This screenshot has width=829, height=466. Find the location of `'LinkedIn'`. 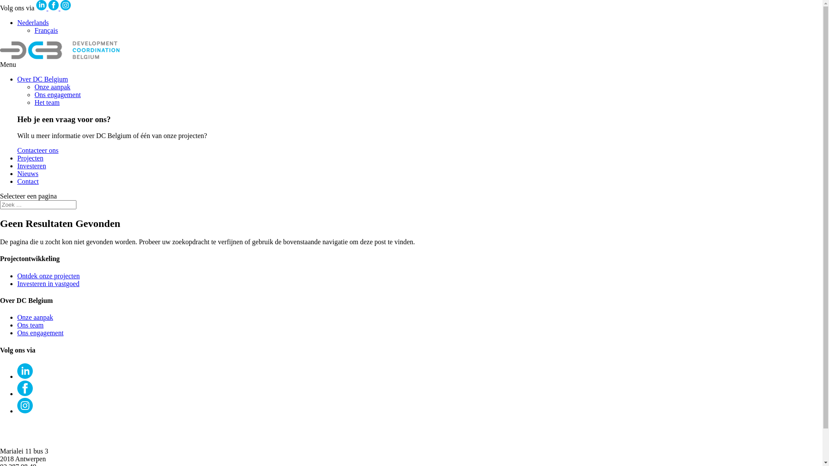

'LinkedIn' is located at coordinates (17, 371).